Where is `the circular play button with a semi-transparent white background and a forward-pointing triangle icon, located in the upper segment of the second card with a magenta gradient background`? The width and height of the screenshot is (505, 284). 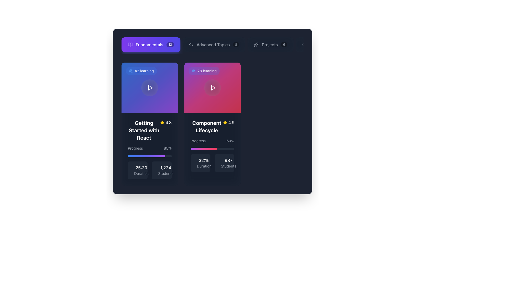 the circular play button with a semi-transparent white background and a forward-pointing triangle icon, located in the upper segment of the second card with a magenta gradient background is located at coordinates (212, 88).